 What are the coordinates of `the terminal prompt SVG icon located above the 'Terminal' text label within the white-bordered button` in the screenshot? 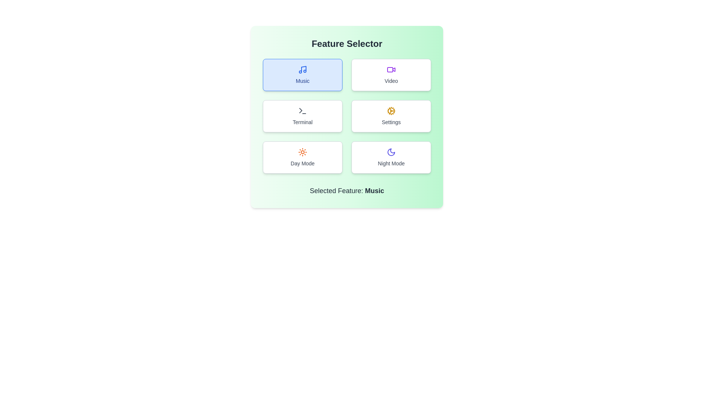 It's located at (303, 111).